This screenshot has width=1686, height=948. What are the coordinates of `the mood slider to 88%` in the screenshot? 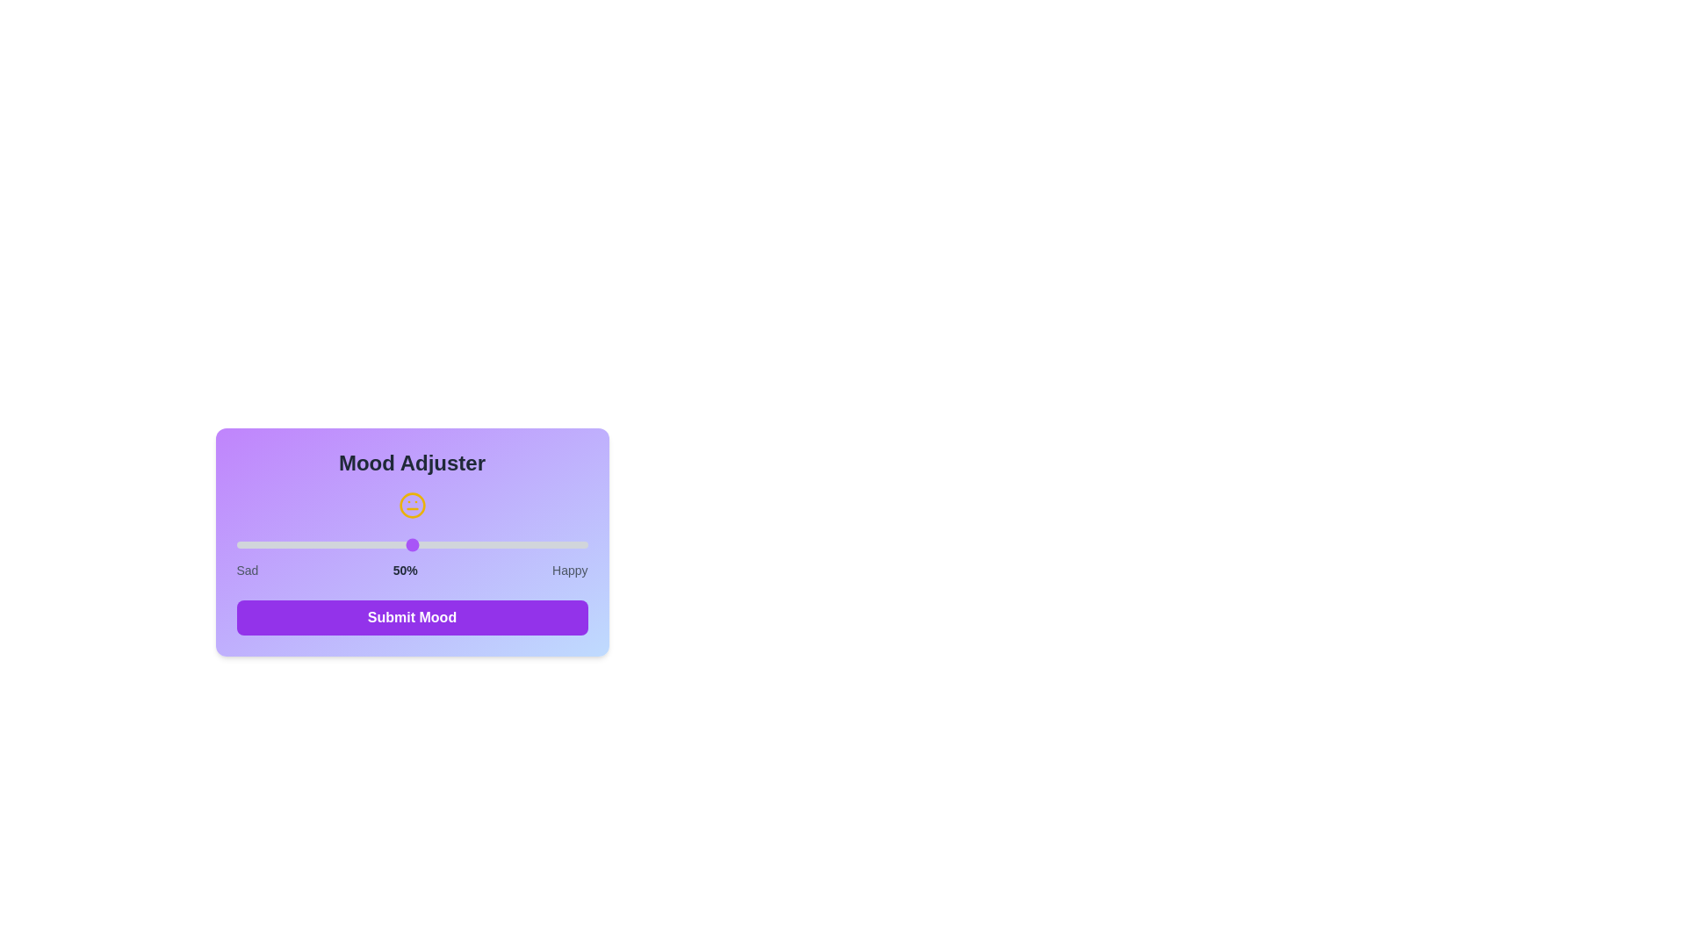 It's located at (544, 544).